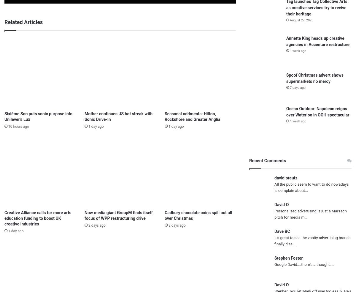 The image size is (356, 292). Describe the element at coordinates (317, 111) in the screenshot. I see `'Ocean Outdoor:  Napoleon reigns over Waterloo in OOH spectacular'` at that location.